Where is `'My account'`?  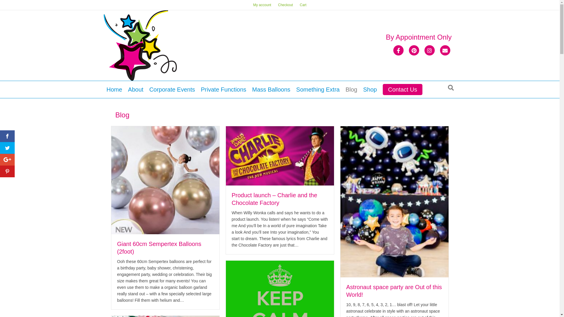 'My account' is located at coordinates (262, 5).